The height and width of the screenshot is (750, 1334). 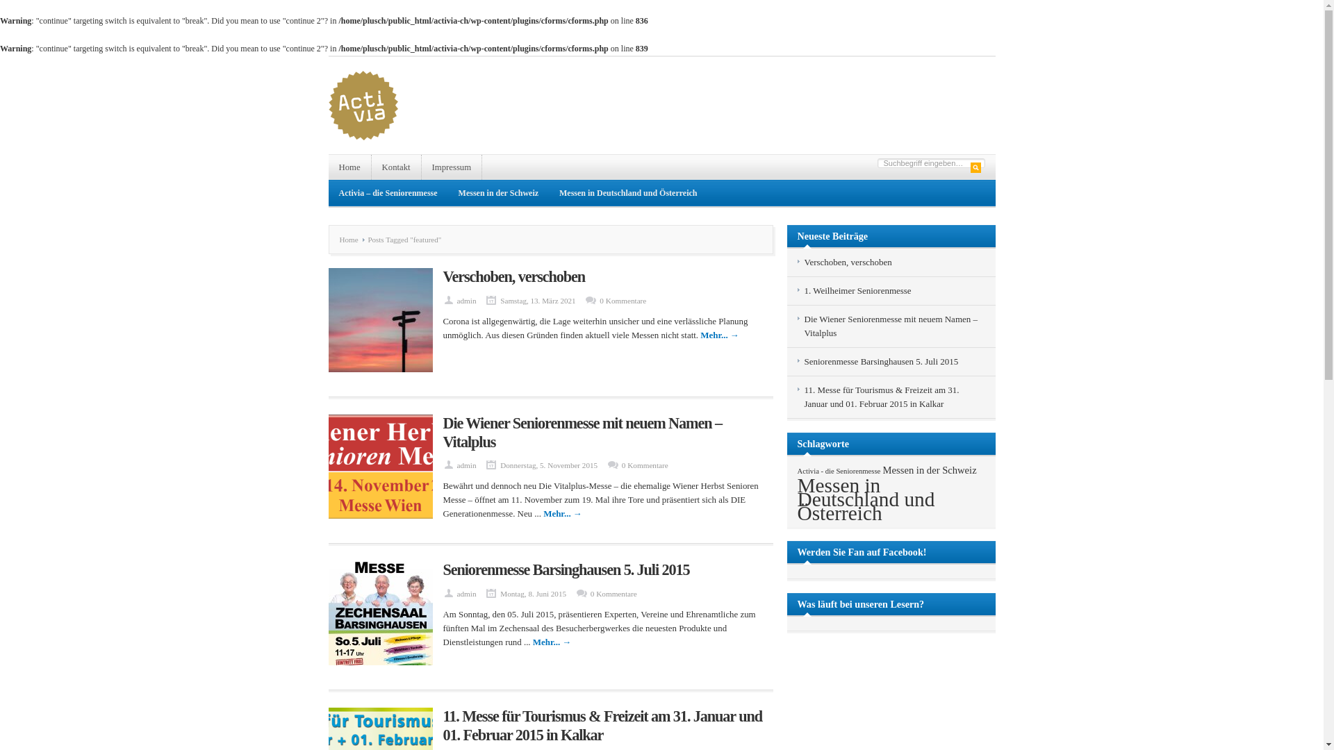 I want to click on 'Messen in der Schweiz', so click(x=930, y=469).